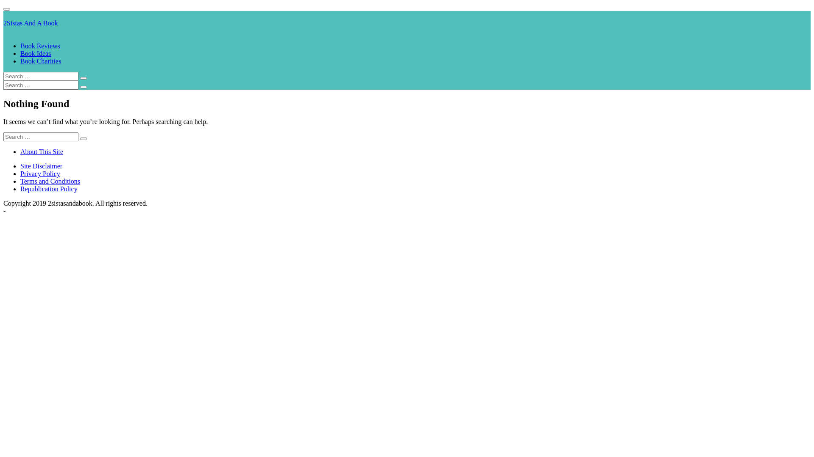  What do you see at coordinates (50, 181) in the screenshot?
I see `'Terms and Conditions'` at bounding box center [50, 181].